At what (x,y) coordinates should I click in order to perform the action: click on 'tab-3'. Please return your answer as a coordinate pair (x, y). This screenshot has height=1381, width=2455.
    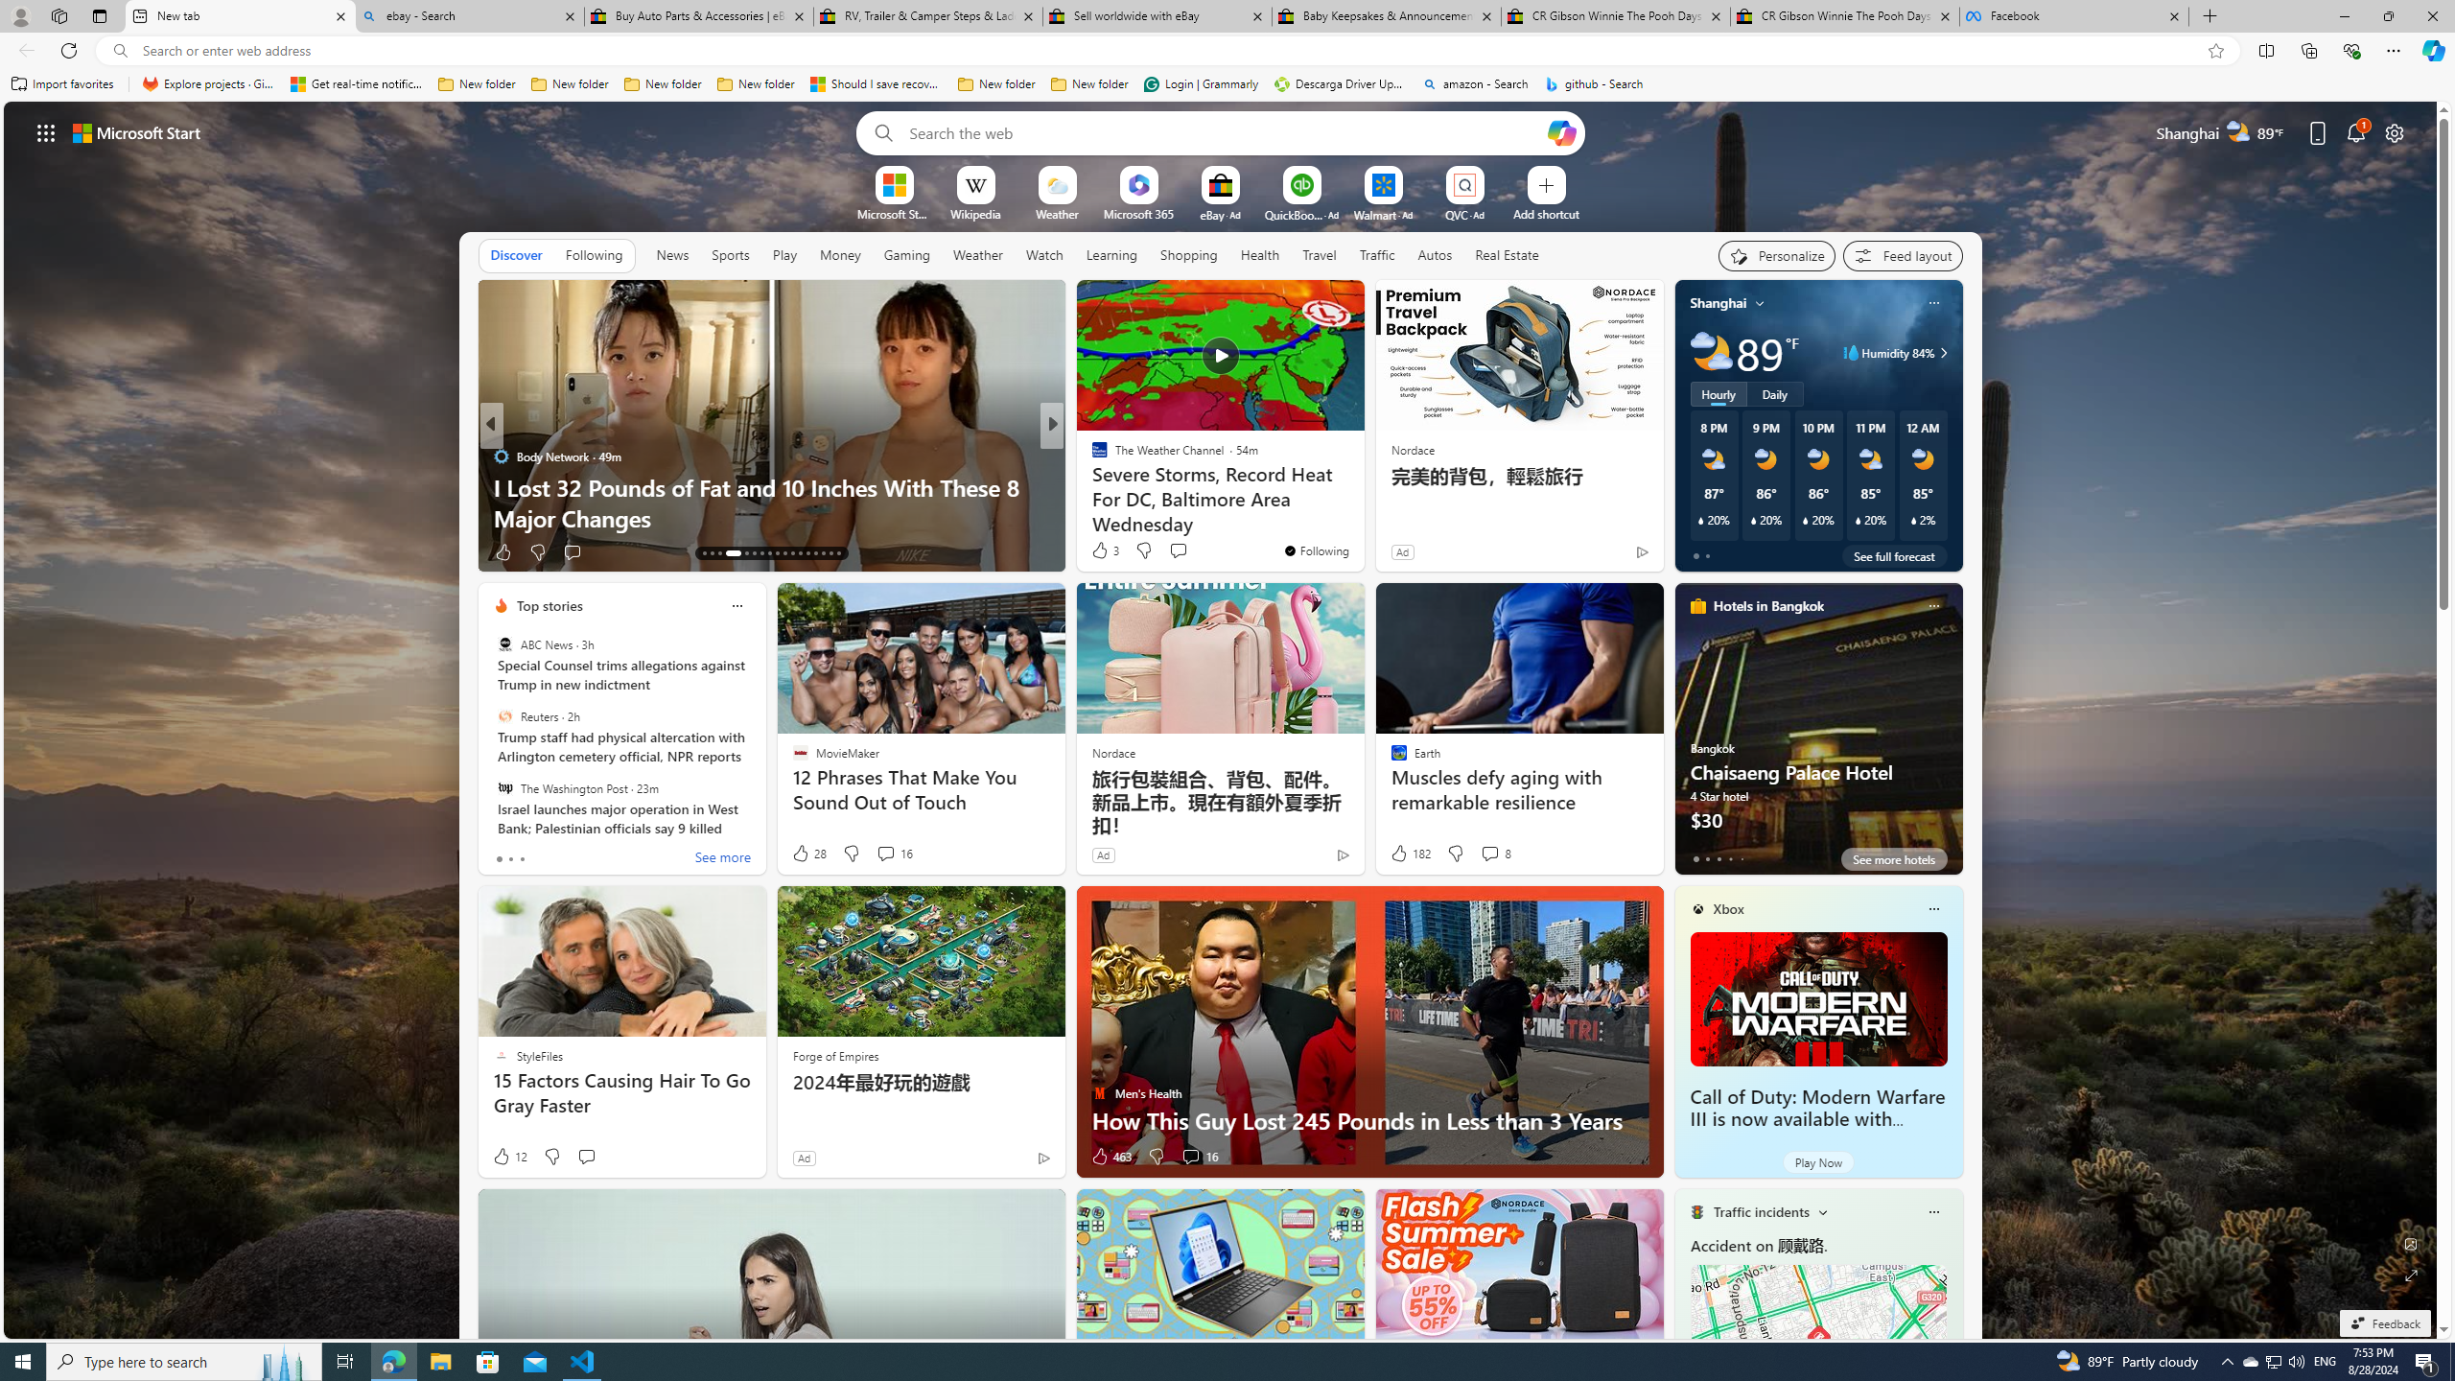
    Looking at the image, I should click on (1728, 858).